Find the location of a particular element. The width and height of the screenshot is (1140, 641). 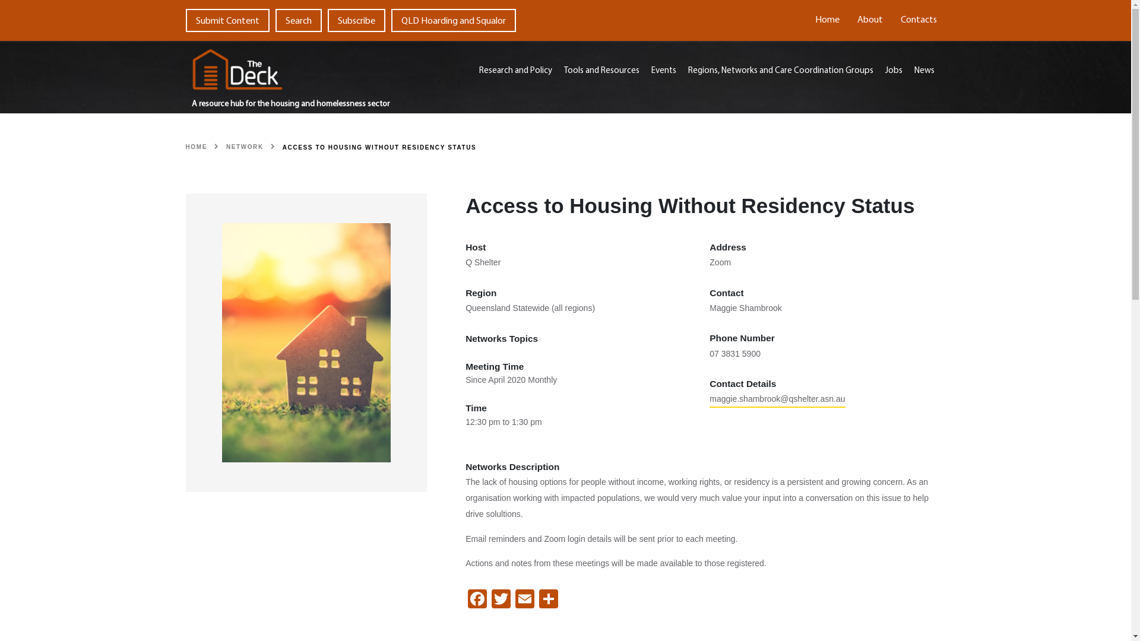

'Submit Content' is located at coordinates (227, 20).